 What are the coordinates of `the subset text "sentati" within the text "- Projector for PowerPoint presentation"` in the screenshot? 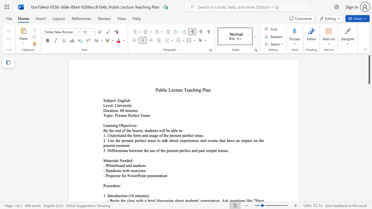 It's located at (153, 175).